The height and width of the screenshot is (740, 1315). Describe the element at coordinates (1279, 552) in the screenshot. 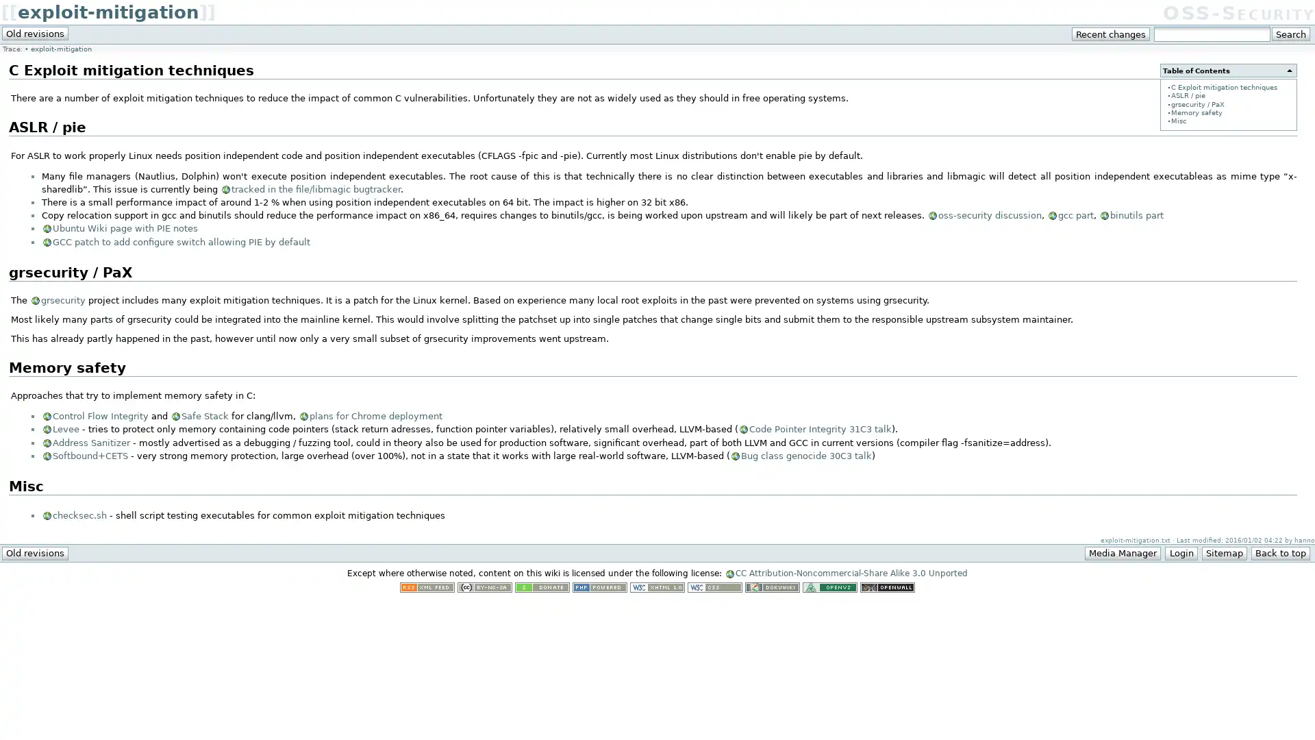

I see `Back to top` at that location.